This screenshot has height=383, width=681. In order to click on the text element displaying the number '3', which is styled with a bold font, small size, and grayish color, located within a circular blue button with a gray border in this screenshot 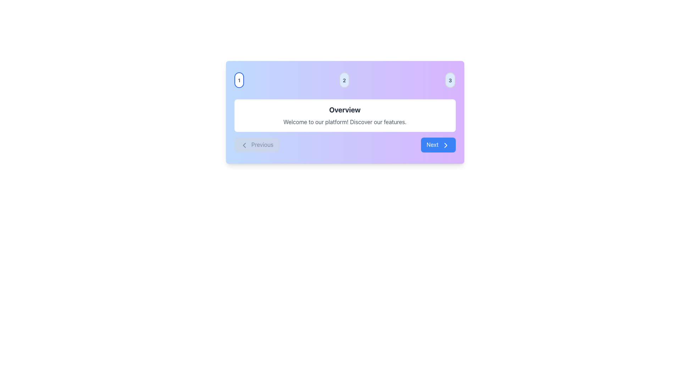, I will do `click(450, 80)`.